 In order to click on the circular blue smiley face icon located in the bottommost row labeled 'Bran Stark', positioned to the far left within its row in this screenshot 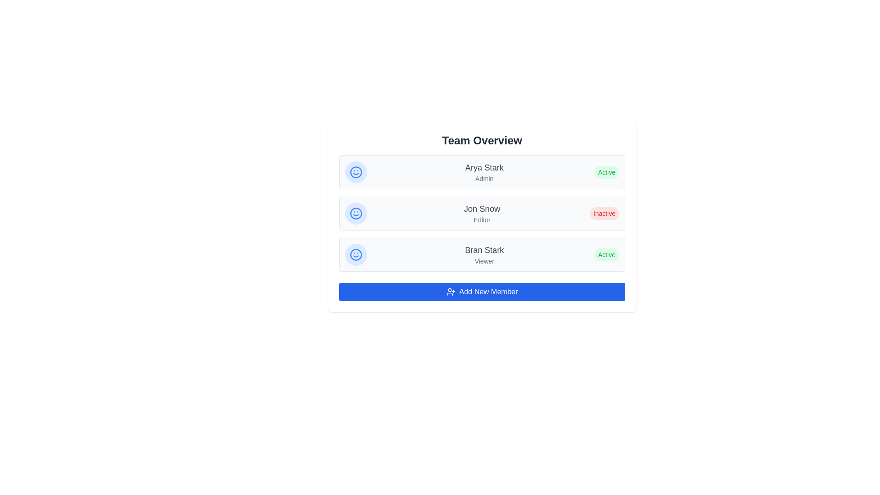, I will do `click(356, 254)`.